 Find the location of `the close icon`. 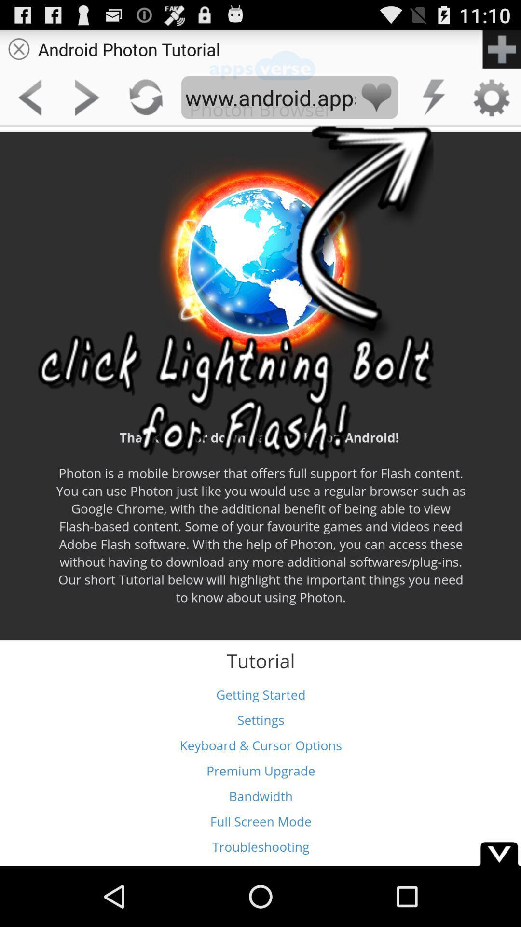

the close icon is located at coordinates (19, 52).